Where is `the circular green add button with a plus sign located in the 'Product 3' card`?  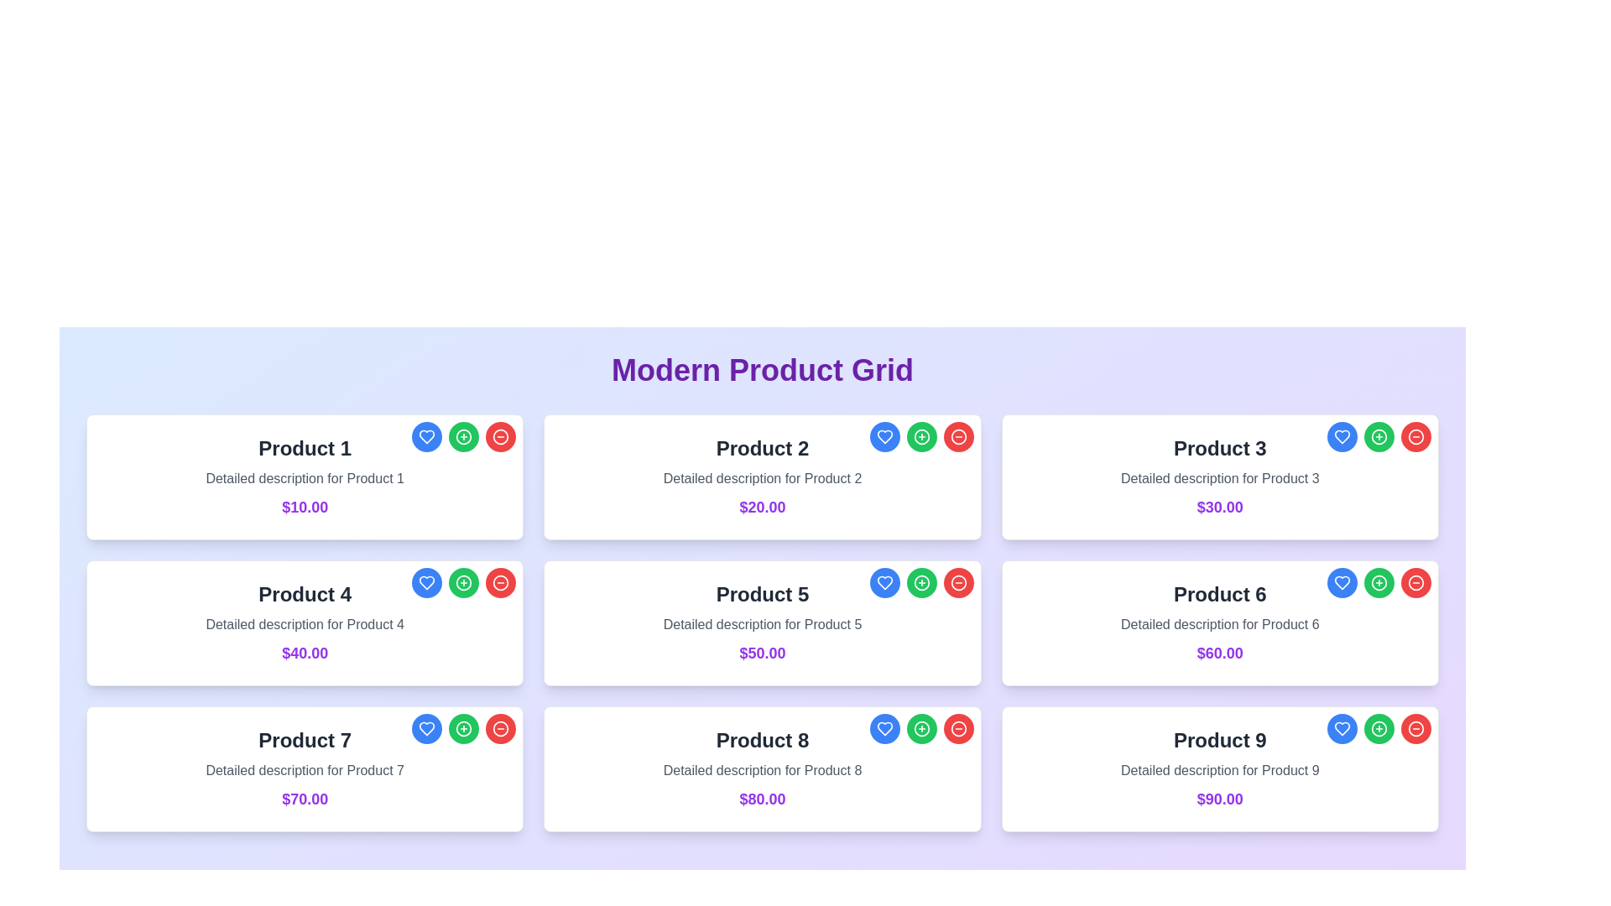 the circular green add button with a plus sign located in the 'Product 3' card is located at coordinates (1379, 435).